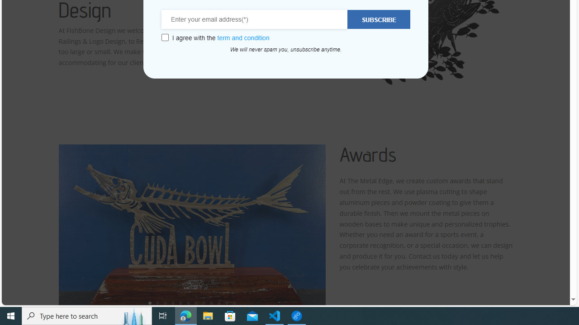 The height and width of the screenshot is (325, 579). I want to click on 'term and condition', so click(243, 37).